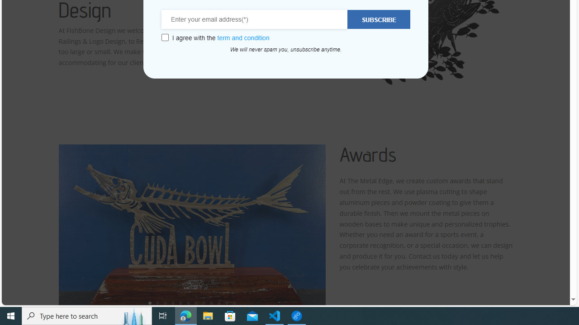 The height and width of the screenshot is (325, 579). I want to click on 'term and condition', so click(243, 37).